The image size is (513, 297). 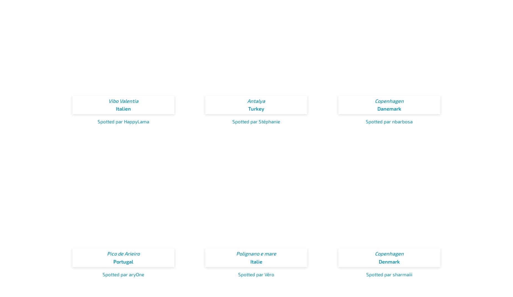 What do you see at coordinates (256, 108) in the screenshot?
I see `'Turkey'` at bounding box center [256, 108].